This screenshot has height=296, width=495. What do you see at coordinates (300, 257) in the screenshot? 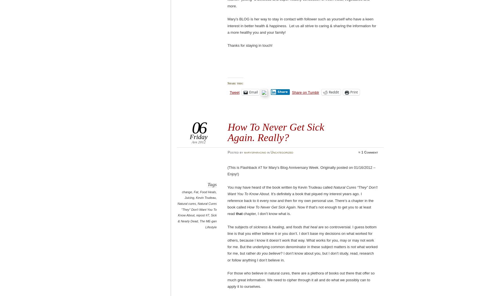
I see `'? I don’t know about you, but I don’t study, read, research or follow anything I don’t believe in.'` at bounding box center [300, 257].